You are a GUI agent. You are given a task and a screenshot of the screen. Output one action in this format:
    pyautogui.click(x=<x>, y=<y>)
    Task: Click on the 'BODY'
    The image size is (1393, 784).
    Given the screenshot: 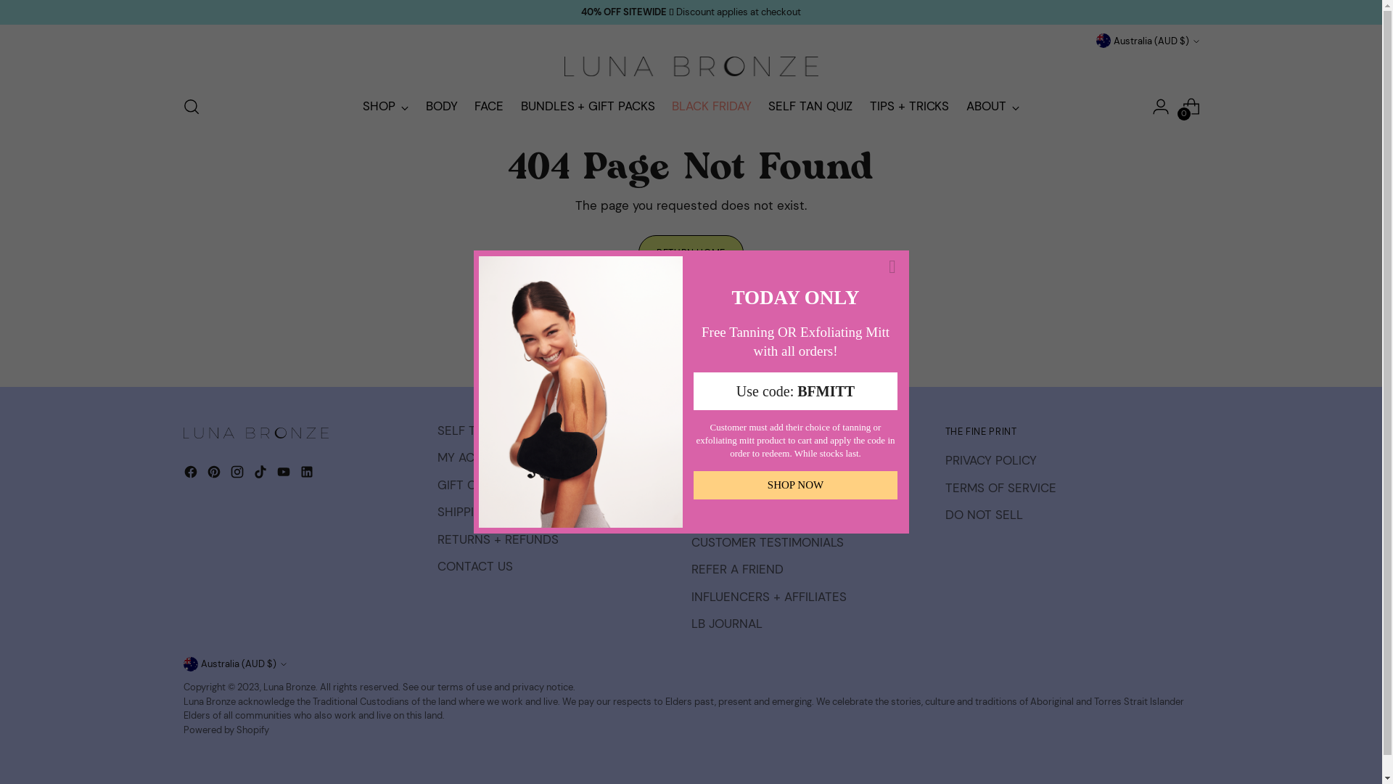 What is the action you would take?
    pyautogui.click(x=424, y=105)
    